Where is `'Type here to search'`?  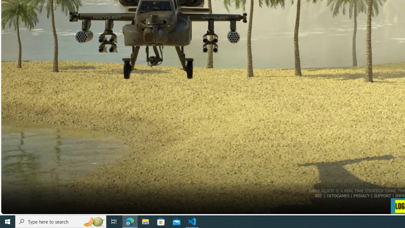 'Type here to search' is located at coordinates (61, 221).